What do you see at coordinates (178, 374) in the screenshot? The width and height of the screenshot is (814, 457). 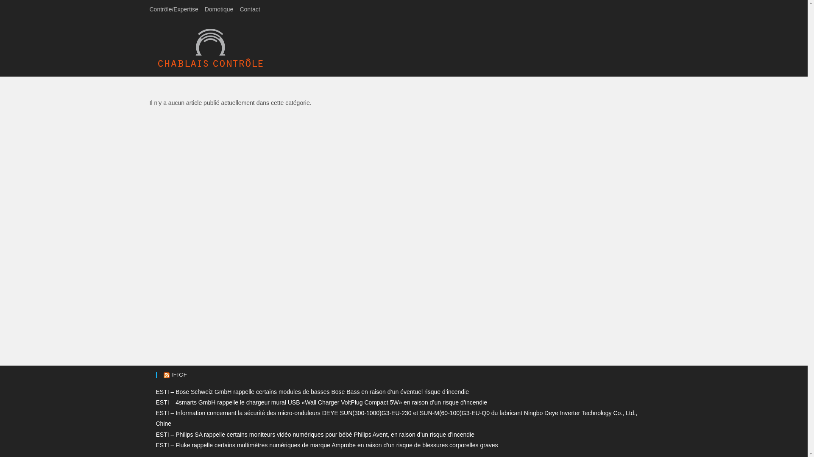 I see `'IFICF'` at bounding box center [178, 374].